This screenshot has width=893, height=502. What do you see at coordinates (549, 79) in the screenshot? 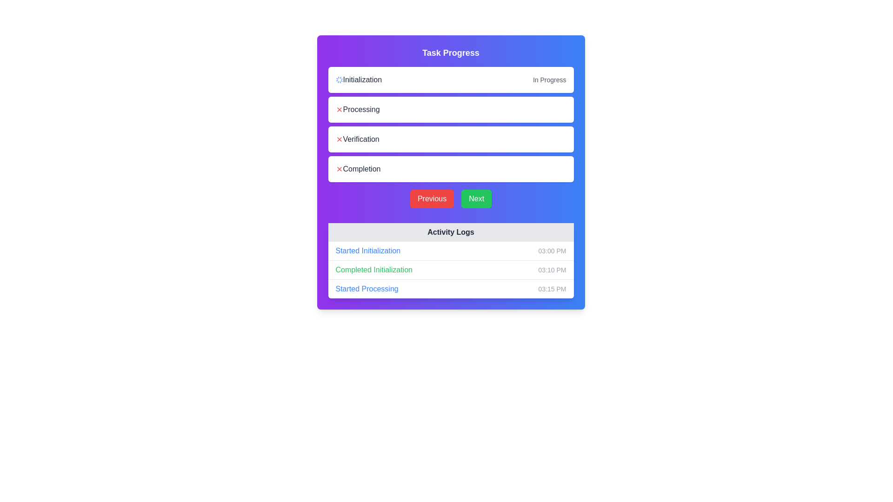
I see `the text element displaying 'In Progress', which is aligned horizontally with the 'Initialization' label in the task progress section` at bounding box center [549, 79].